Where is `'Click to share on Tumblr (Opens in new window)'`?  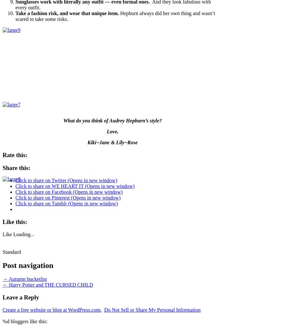 'Click to share on Tumblr (Opens in new window)' is located at coordinates (67, 203).